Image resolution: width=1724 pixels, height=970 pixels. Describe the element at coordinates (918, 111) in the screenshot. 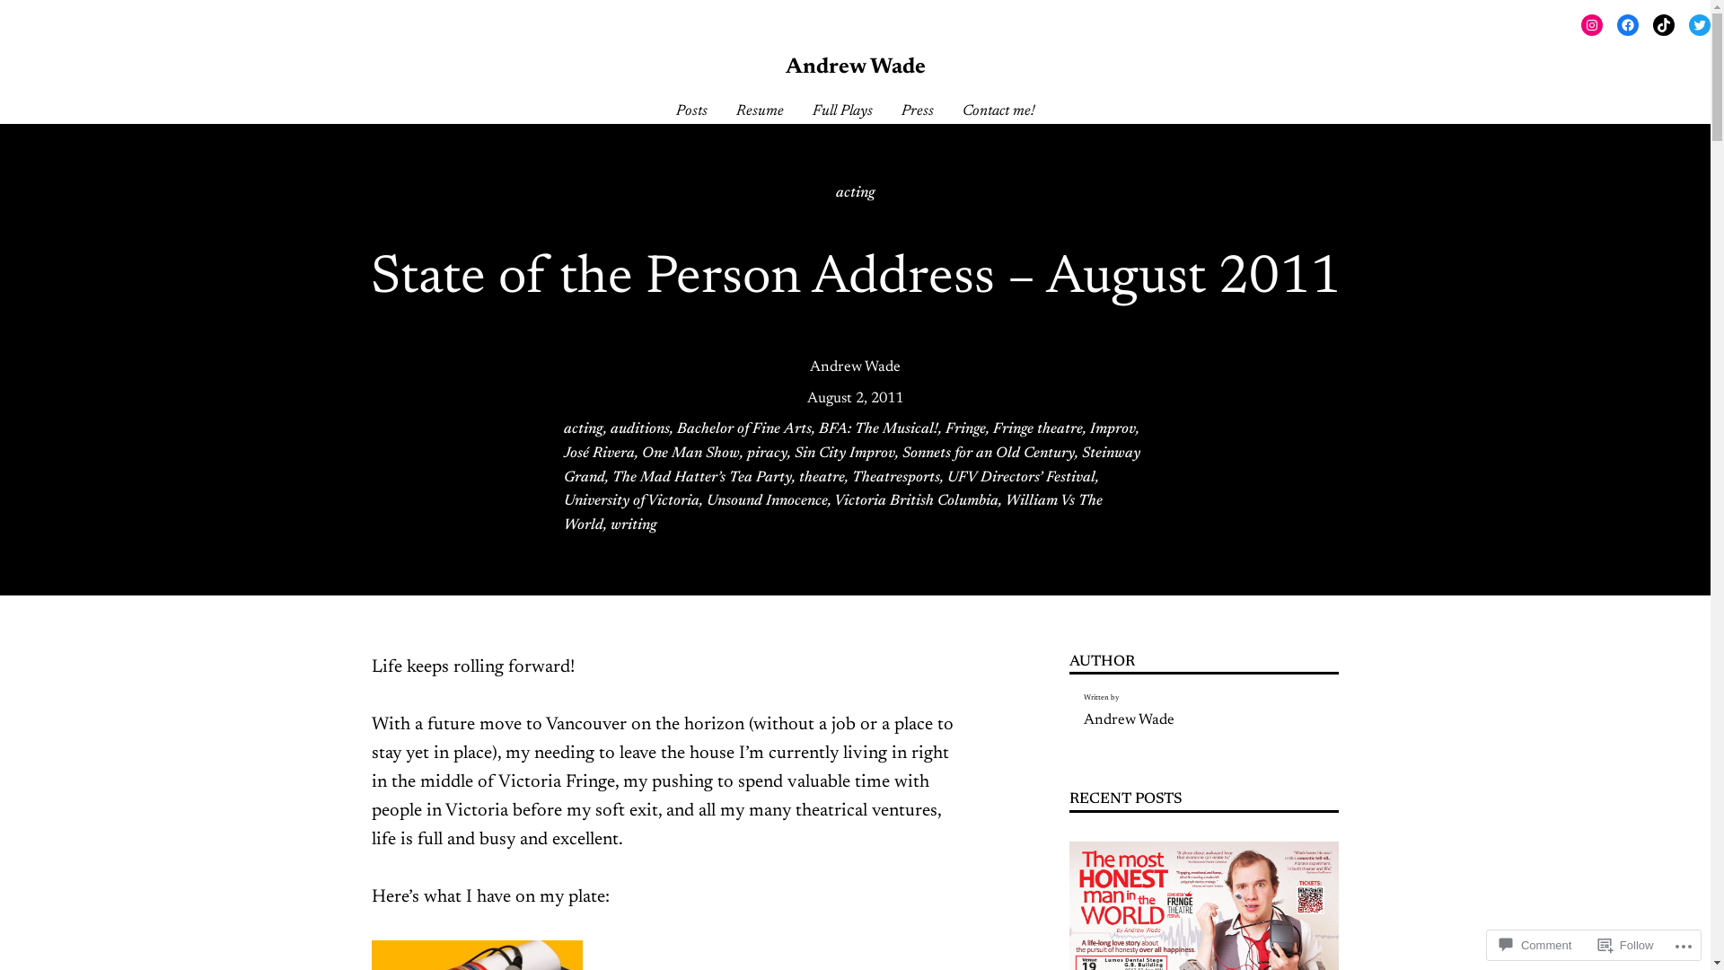

I see `'Press'` at that location.